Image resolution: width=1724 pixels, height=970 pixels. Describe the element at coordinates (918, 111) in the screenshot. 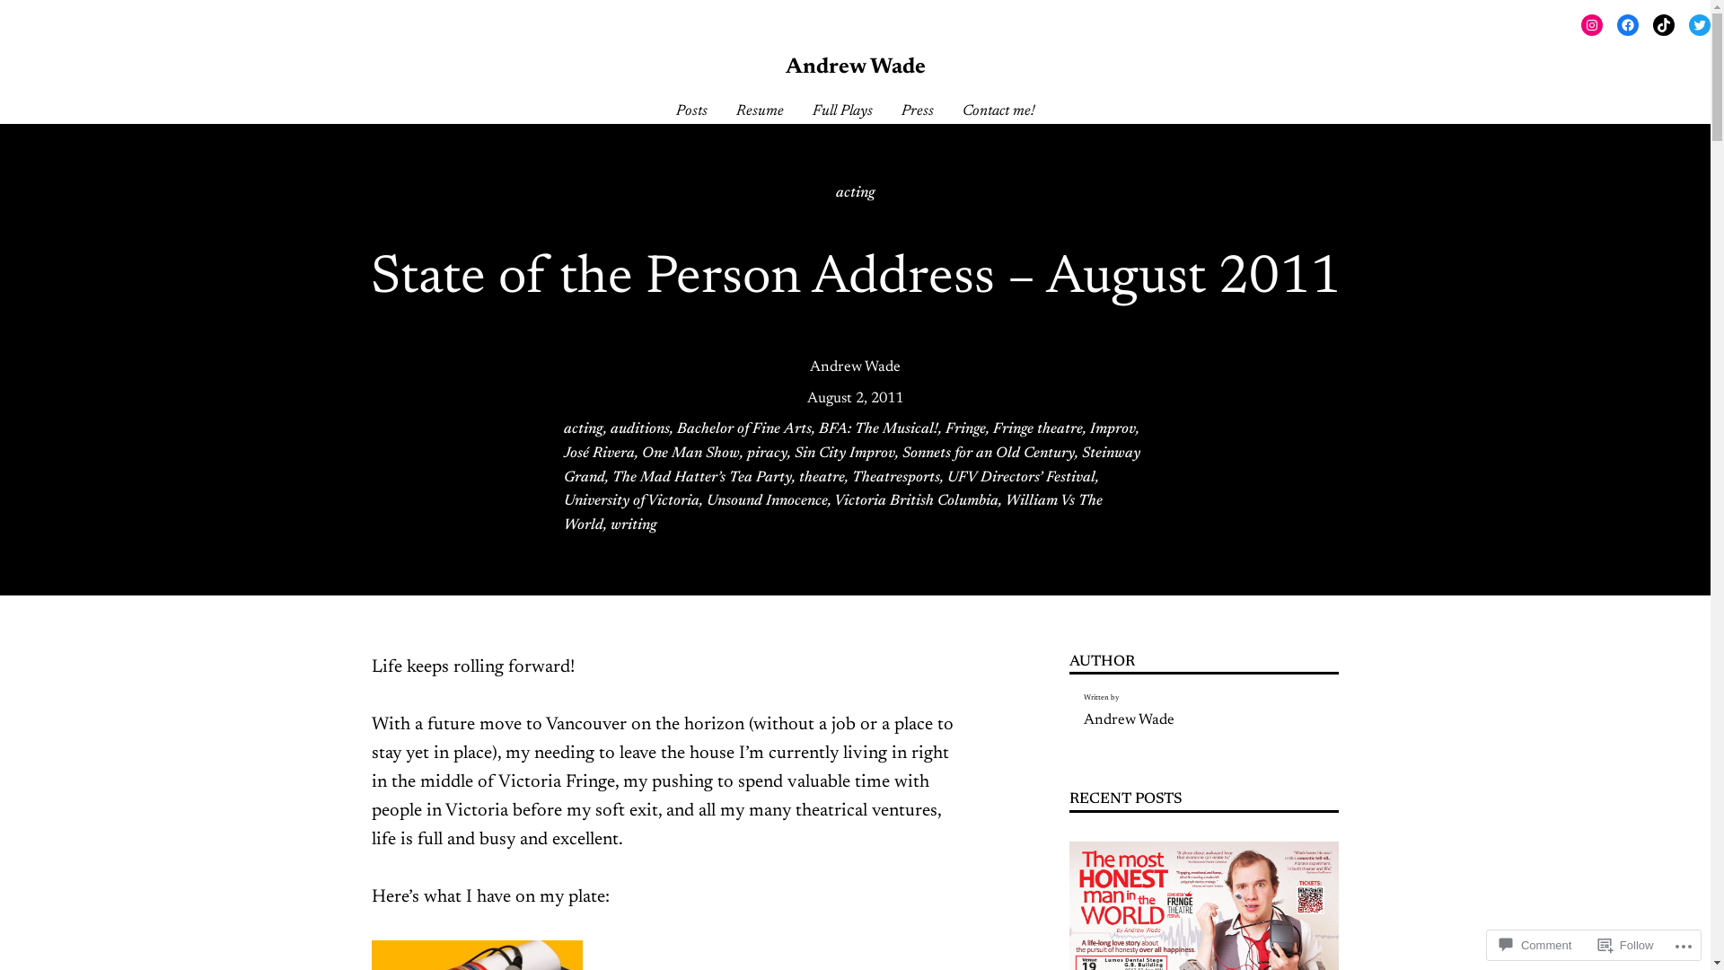

I see `'Press'` at that location.